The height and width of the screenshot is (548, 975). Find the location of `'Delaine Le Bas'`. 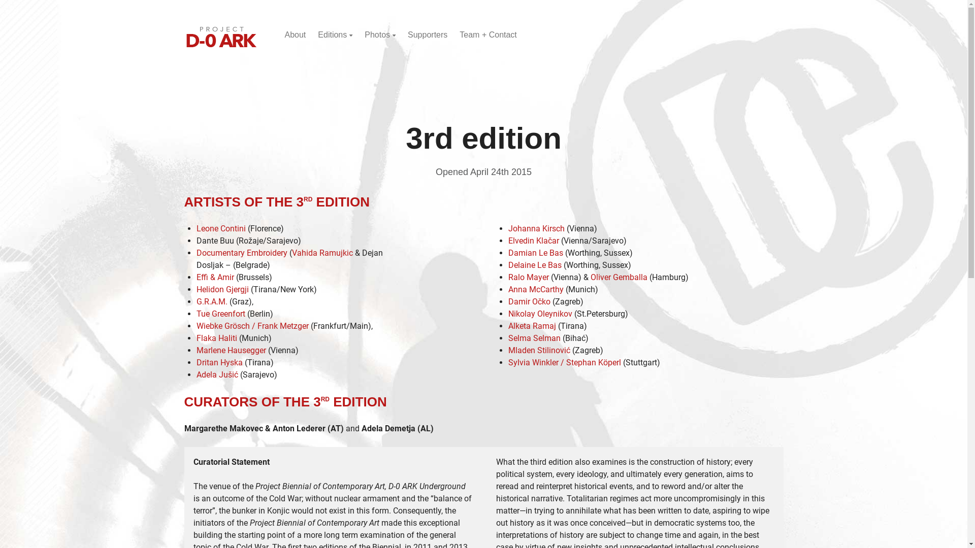

'Delaine Le Bas' is located at coordinates (534, 264).